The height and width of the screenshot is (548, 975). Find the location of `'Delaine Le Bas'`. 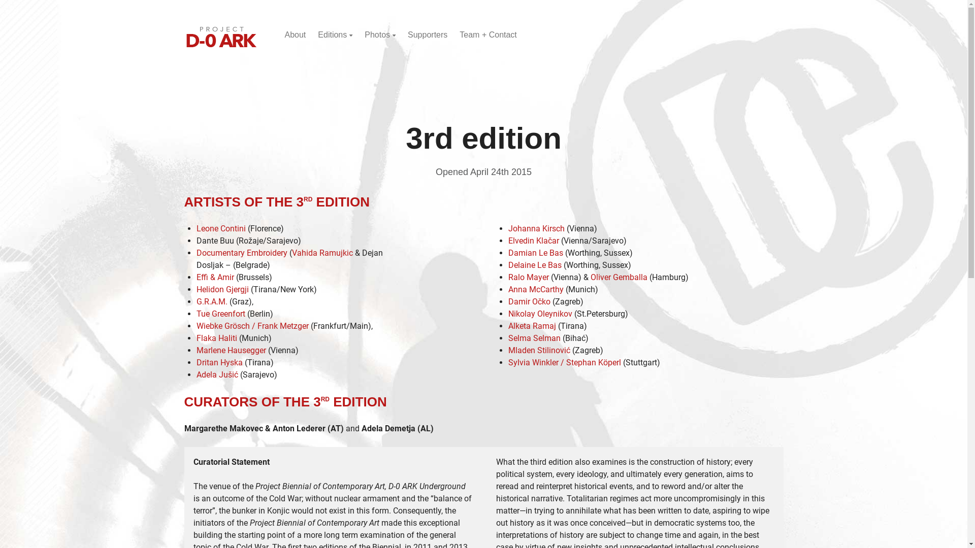

'Delaine Le Bas' is located at coordinates (534, 264).